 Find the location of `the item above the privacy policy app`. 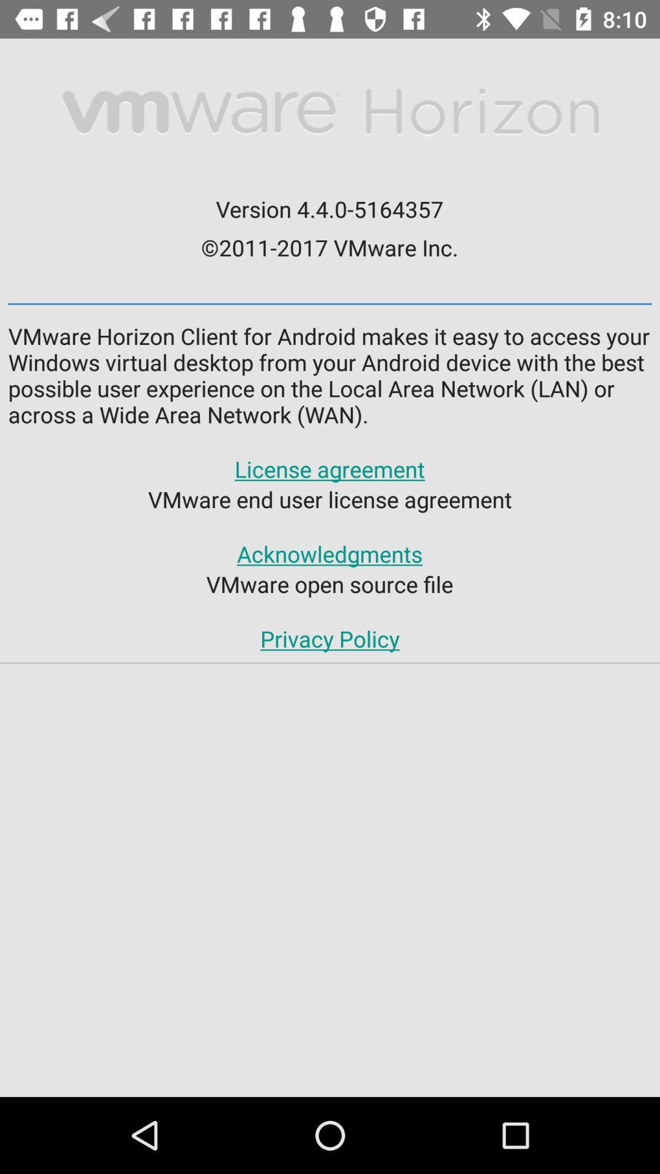

the item above the privacy policy app is located at coordinates (329, 583).